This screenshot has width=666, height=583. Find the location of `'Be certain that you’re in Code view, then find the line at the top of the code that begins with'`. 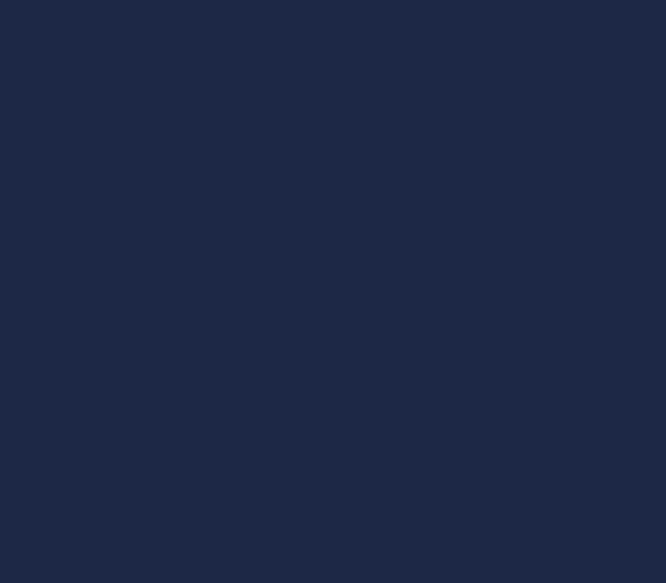

'Be certain that you’re in Code view, then find the line at the top of the code that begins with' is located at coordinates (342, 558).